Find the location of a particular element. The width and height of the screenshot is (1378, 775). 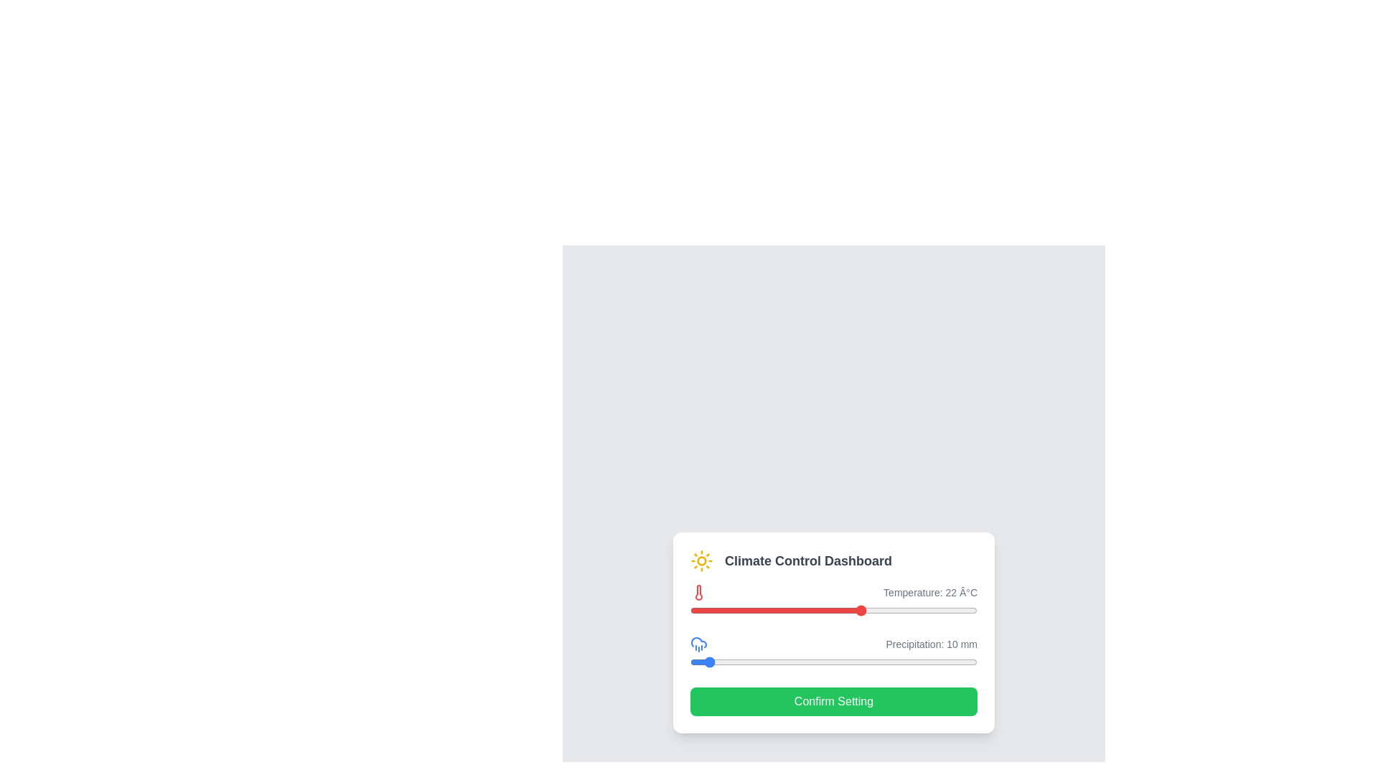

the precipitation slider to 147 mm is located at coordinates (901, 662).